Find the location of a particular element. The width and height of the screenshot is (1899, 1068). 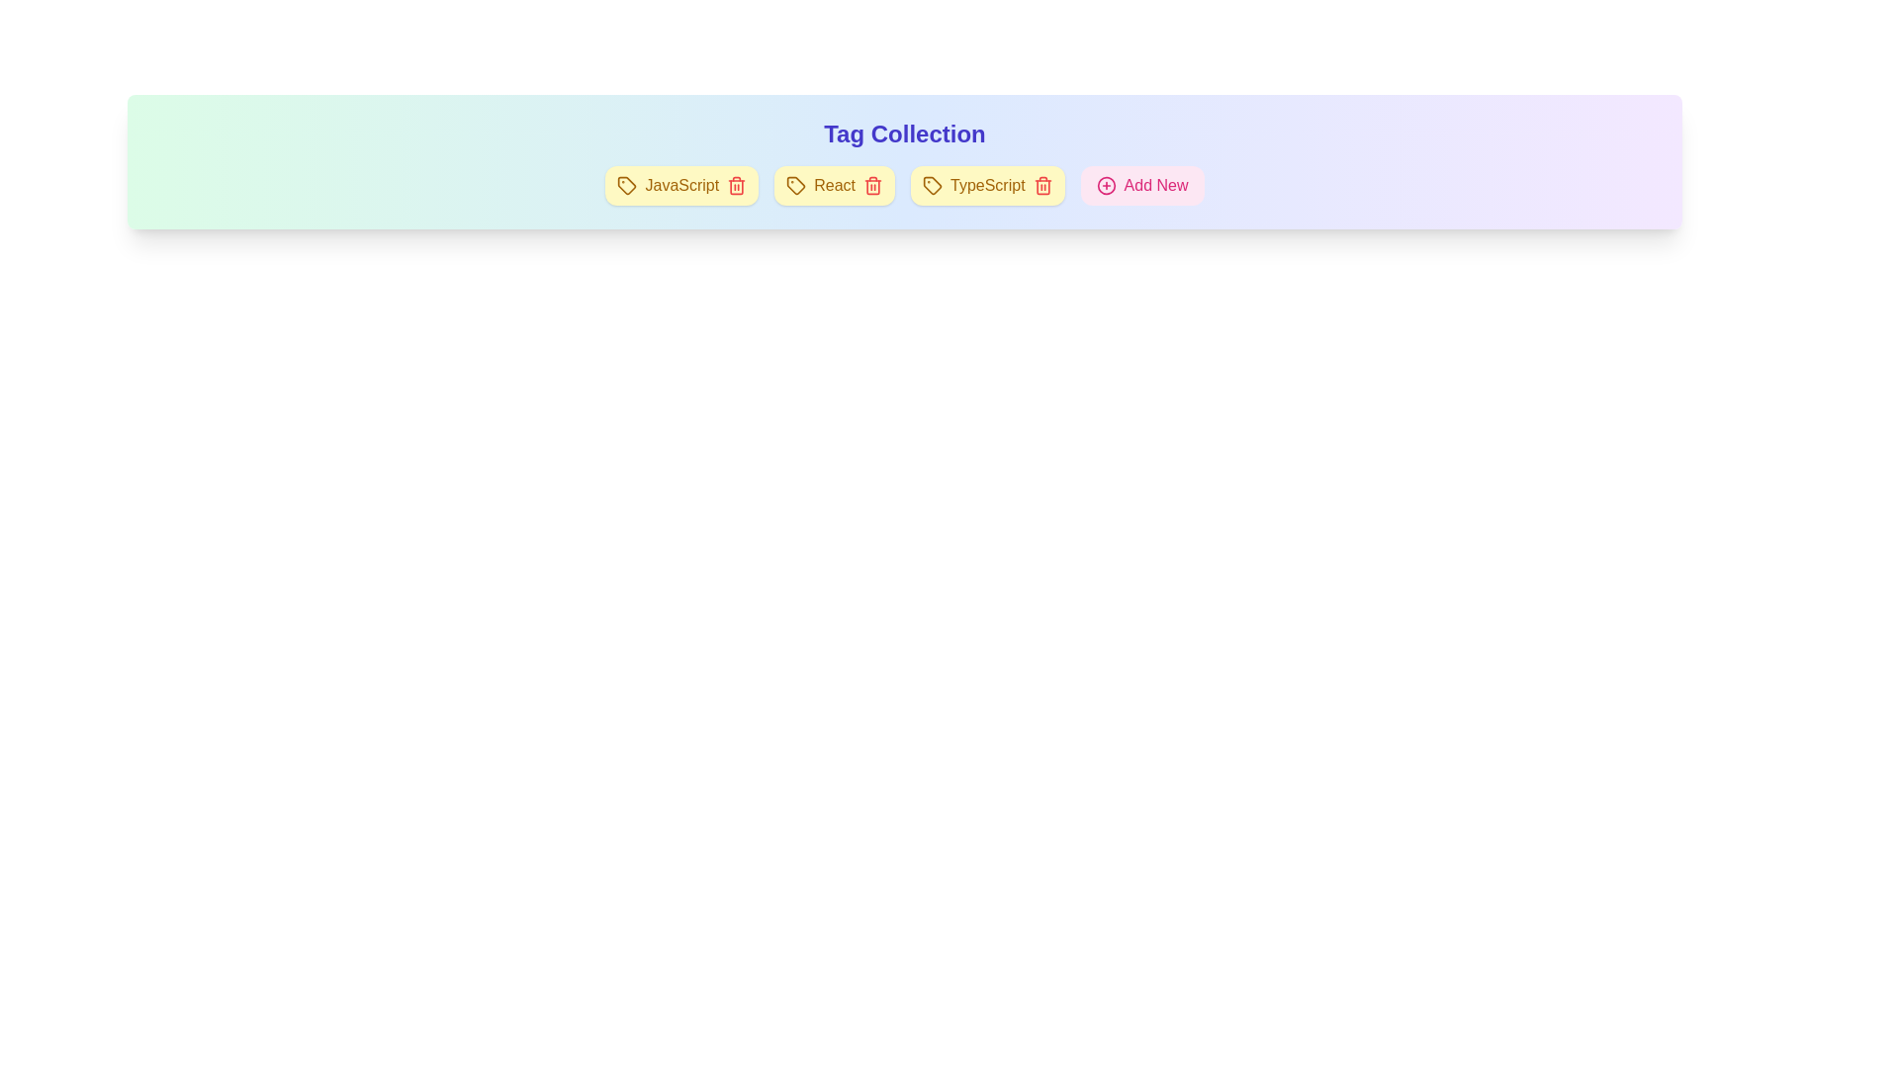

the small tag icon with a yellowish outline located to the left of the 'JavaScript' label is located at coordinates (626, 186).